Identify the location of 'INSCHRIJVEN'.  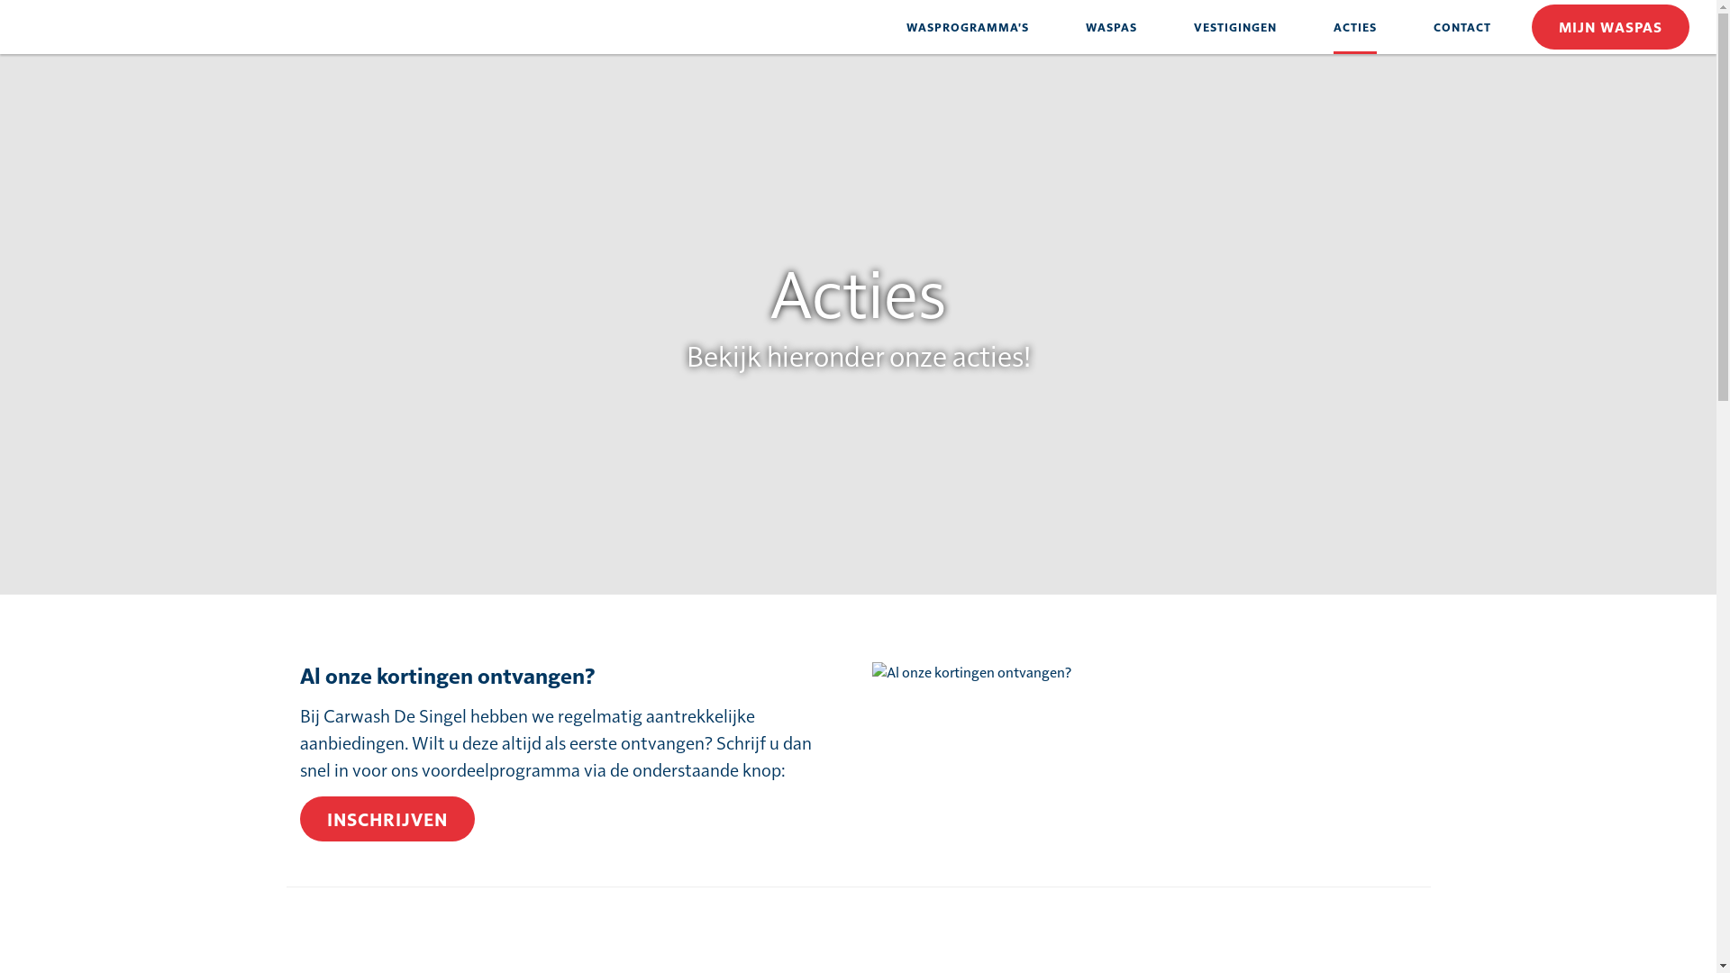
(385, 819).